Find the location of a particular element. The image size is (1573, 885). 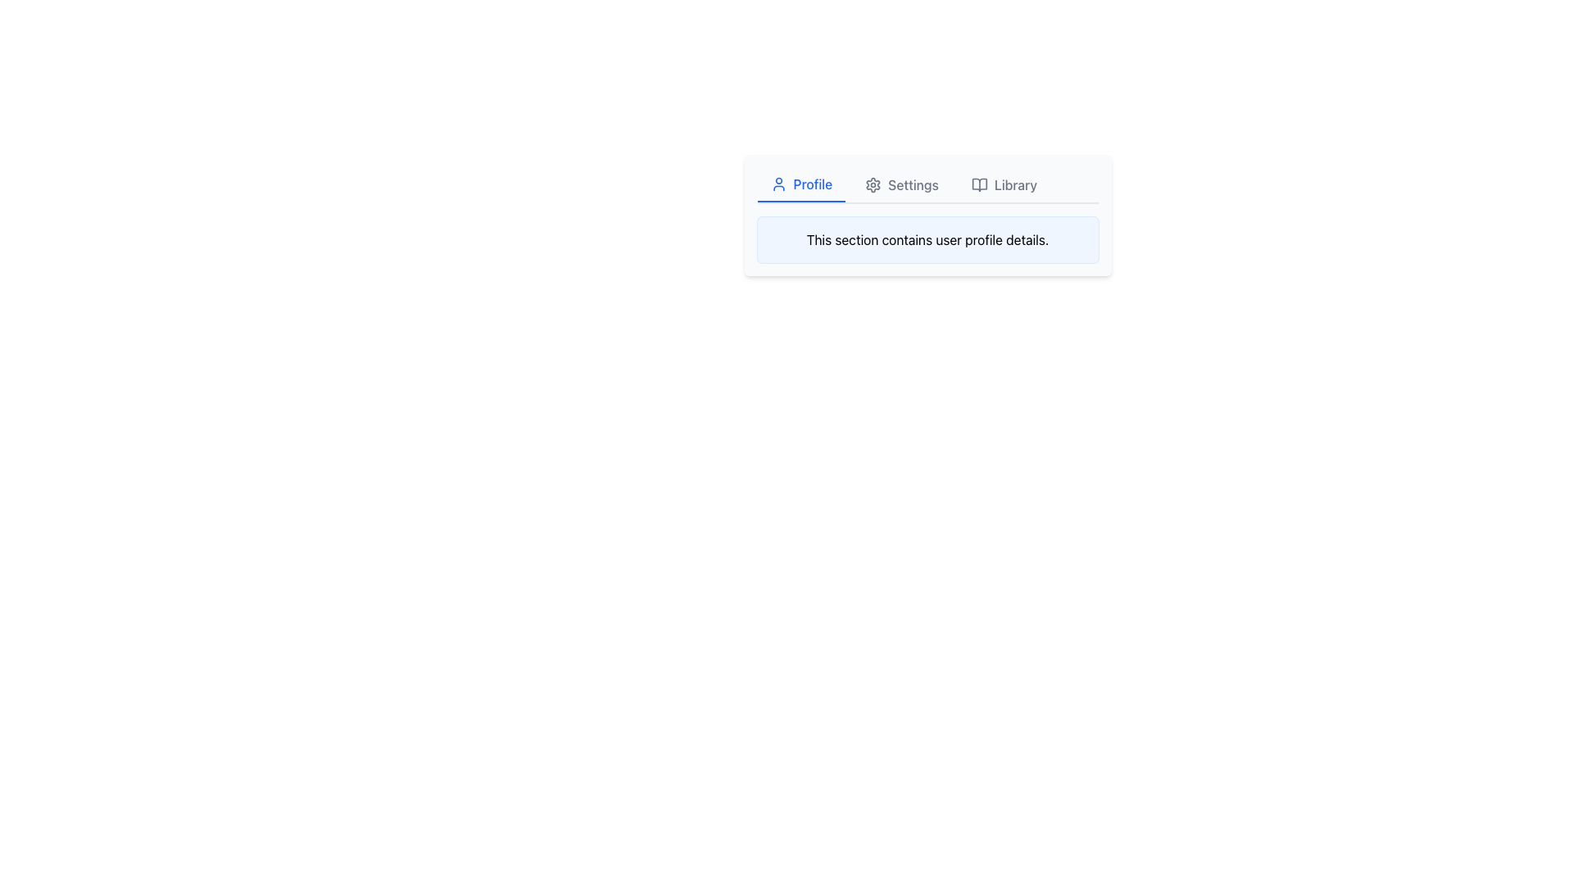

the 'Settings' tab, which is a horizontal tab with a gear icon, located between the 'Profile' tab and the 'Library' tab is located at coordinates (901, 184).